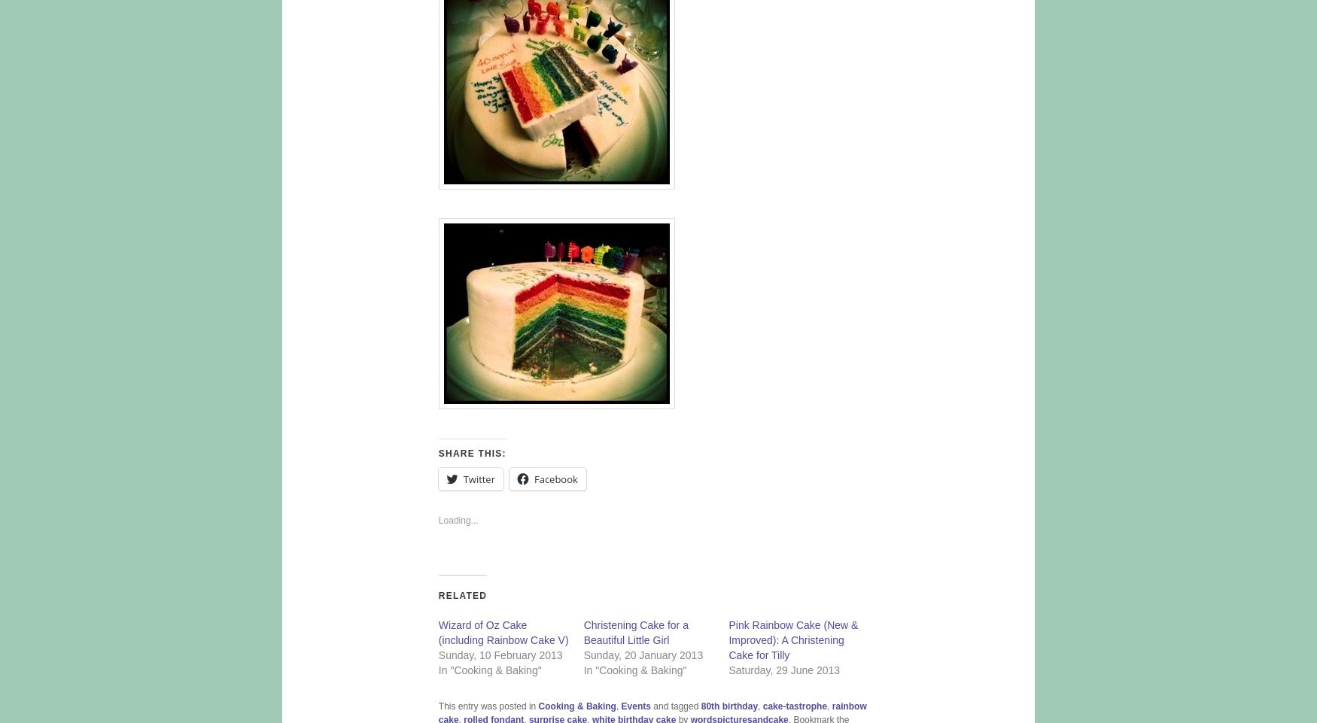 This screenshot has width=1317, height=723. Describe the element at coordinates (576, 706) in the screenshot. I see `'Cooking & Baking'` at that location.